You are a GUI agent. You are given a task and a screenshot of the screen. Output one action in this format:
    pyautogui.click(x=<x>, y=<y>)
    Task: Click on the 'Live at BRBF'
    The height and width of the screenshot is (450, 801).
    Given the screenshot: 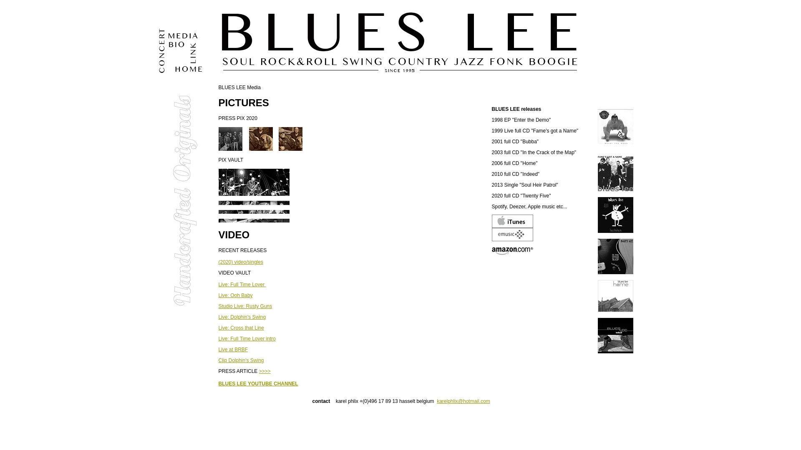 What is the action you would take?
    pyautogui.click(x=218, y=350)
    